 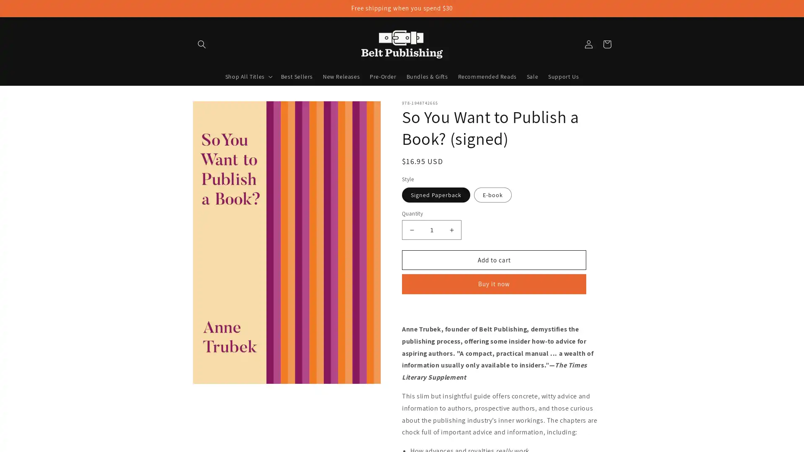 I want to click on Buy it now, so click(x=494, y=283).